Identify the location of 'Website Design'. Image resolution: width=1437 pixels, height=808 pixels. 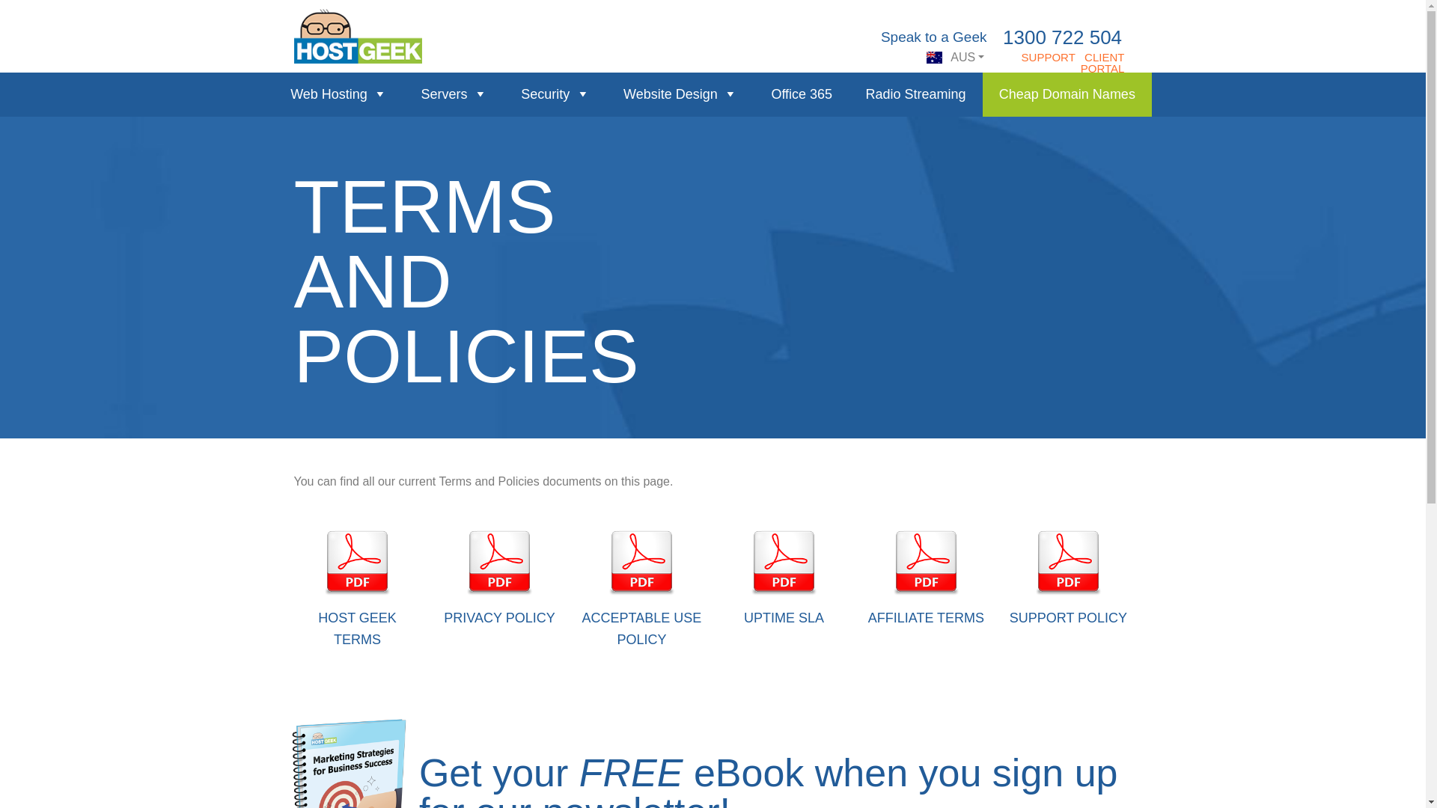
(607, 94).